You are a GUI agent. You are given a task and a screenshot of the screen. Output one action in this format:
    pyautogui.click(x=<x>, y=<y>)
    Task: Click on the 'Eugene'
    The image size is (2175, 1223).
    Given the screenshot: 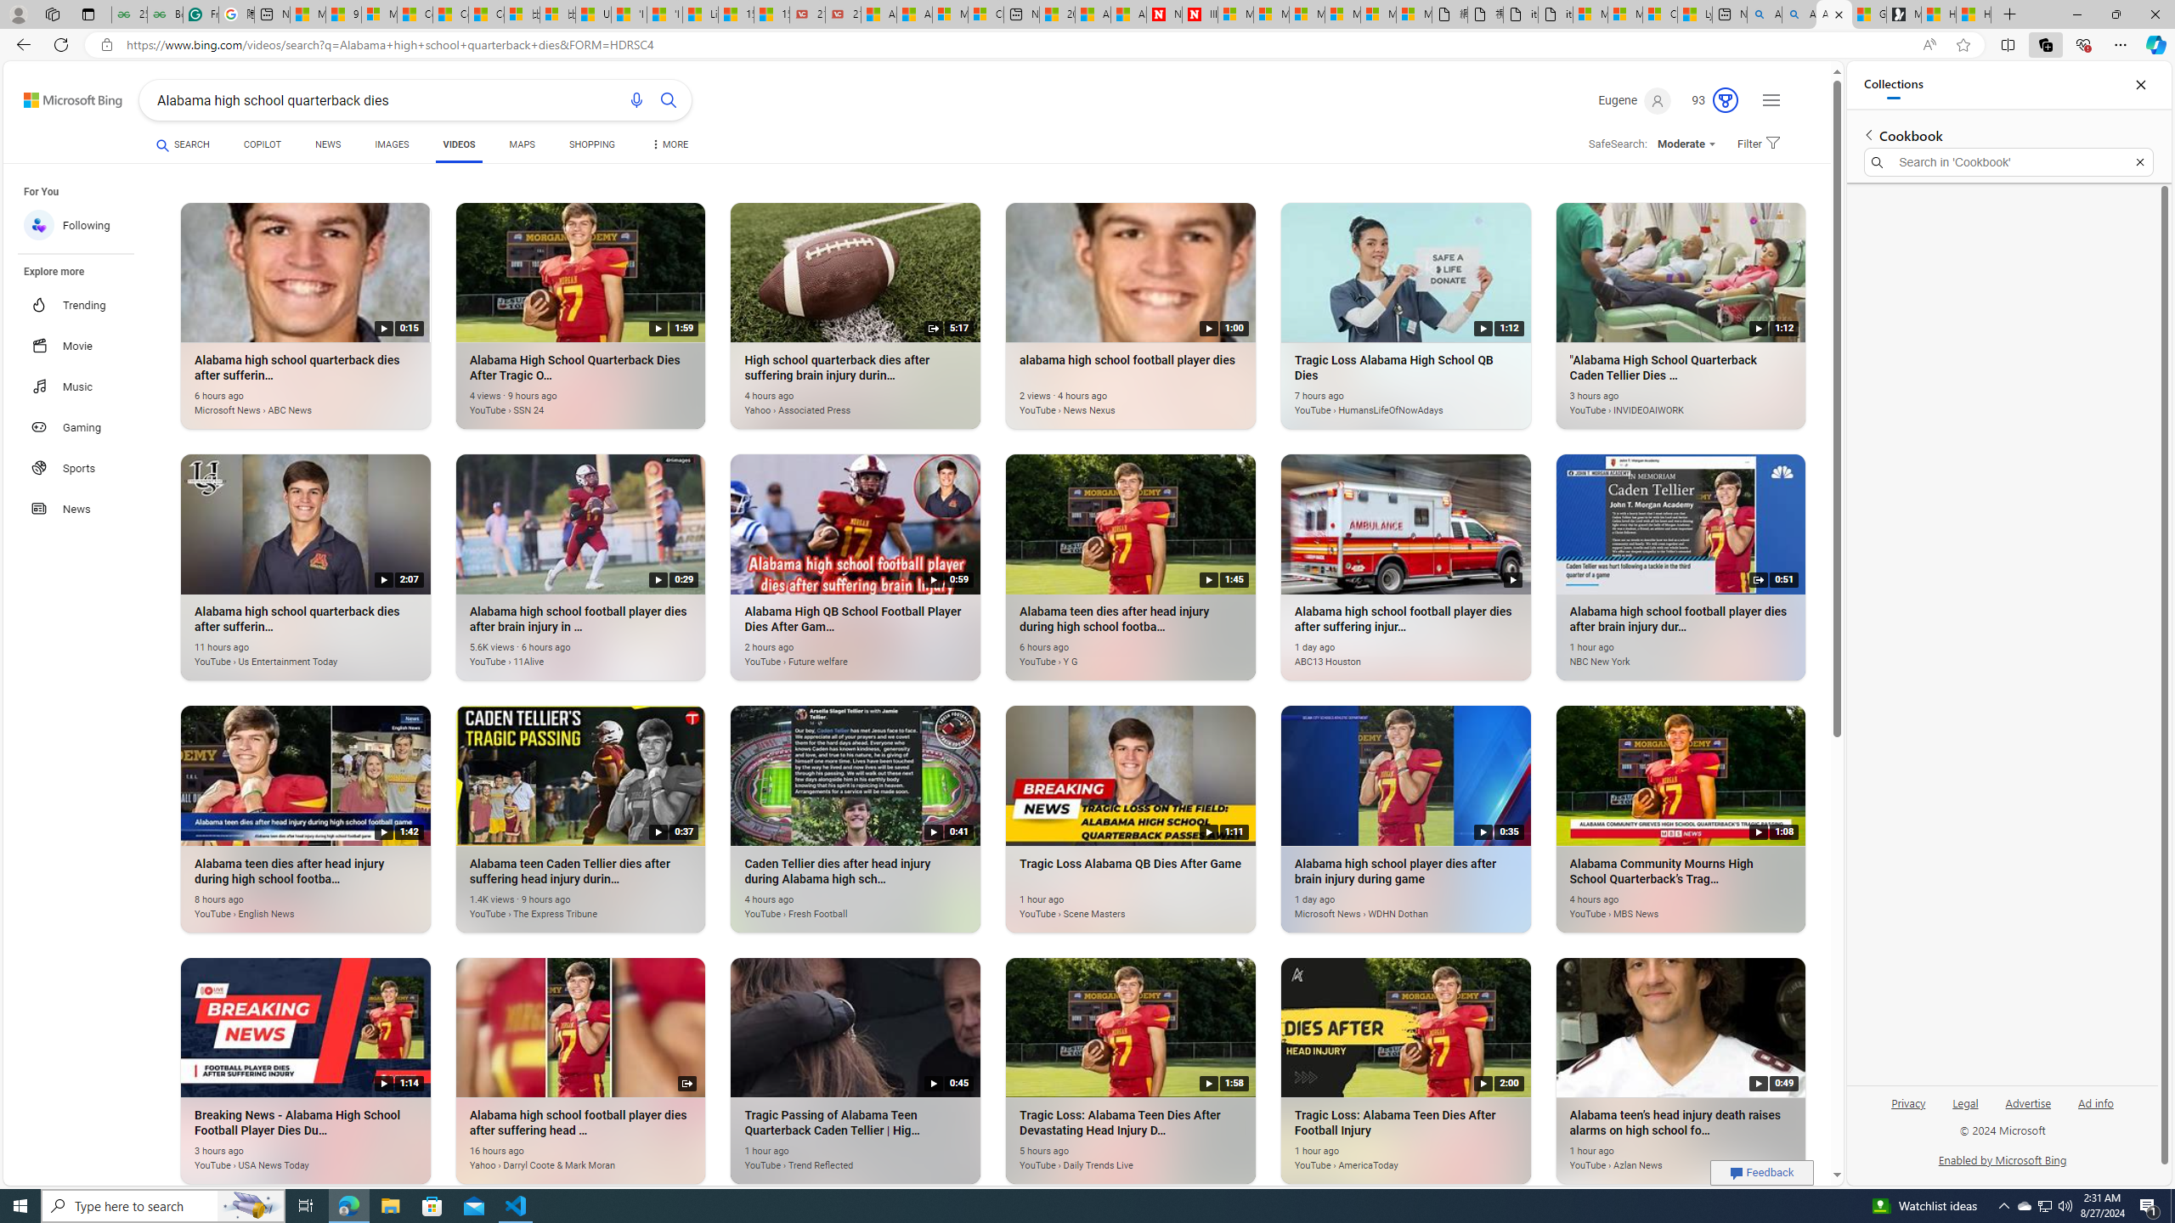 What is the action you would take?
    pyautogui.click(x=1635, y=100)
    